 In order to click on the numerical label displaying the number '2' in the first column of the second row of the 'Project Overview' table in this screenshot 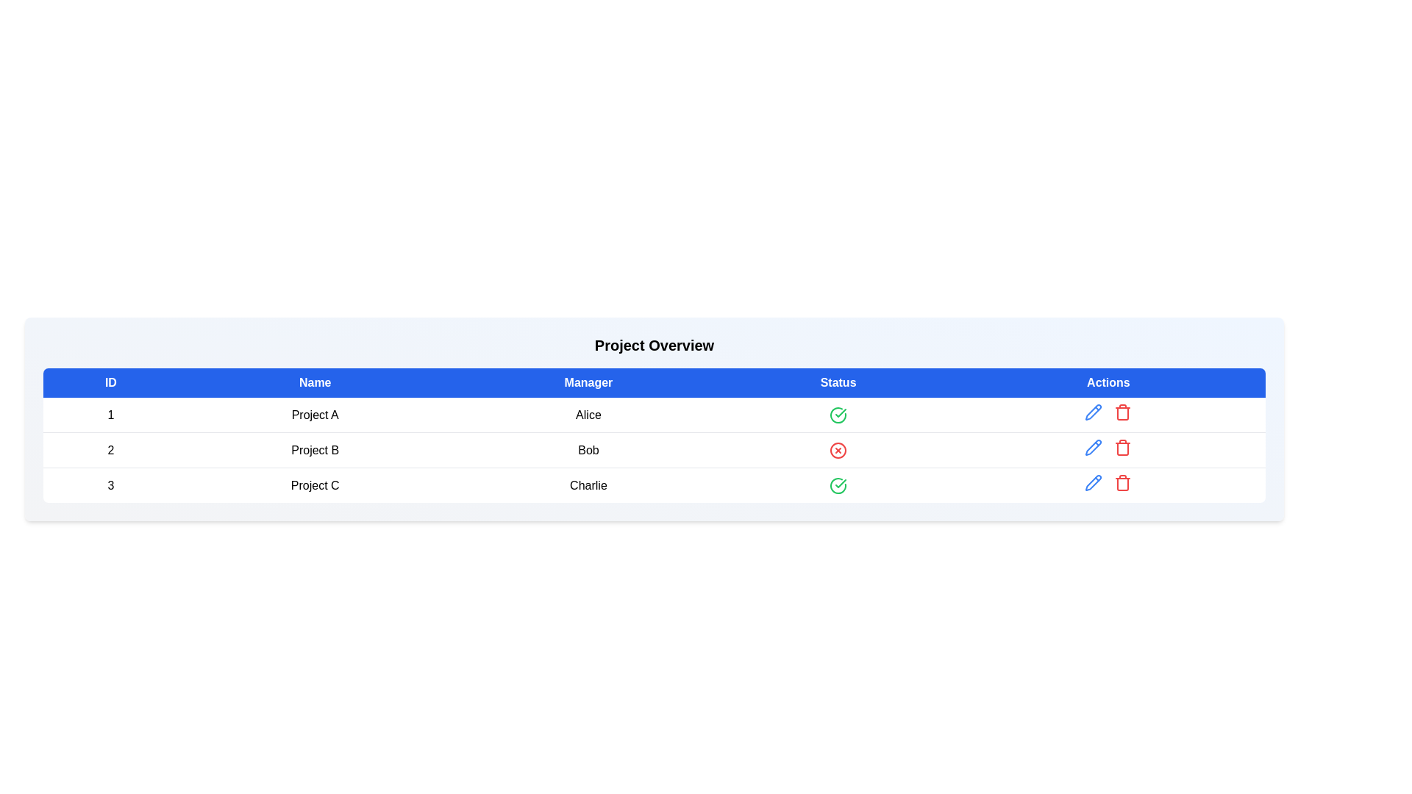, I will do `click(110, 449)`.